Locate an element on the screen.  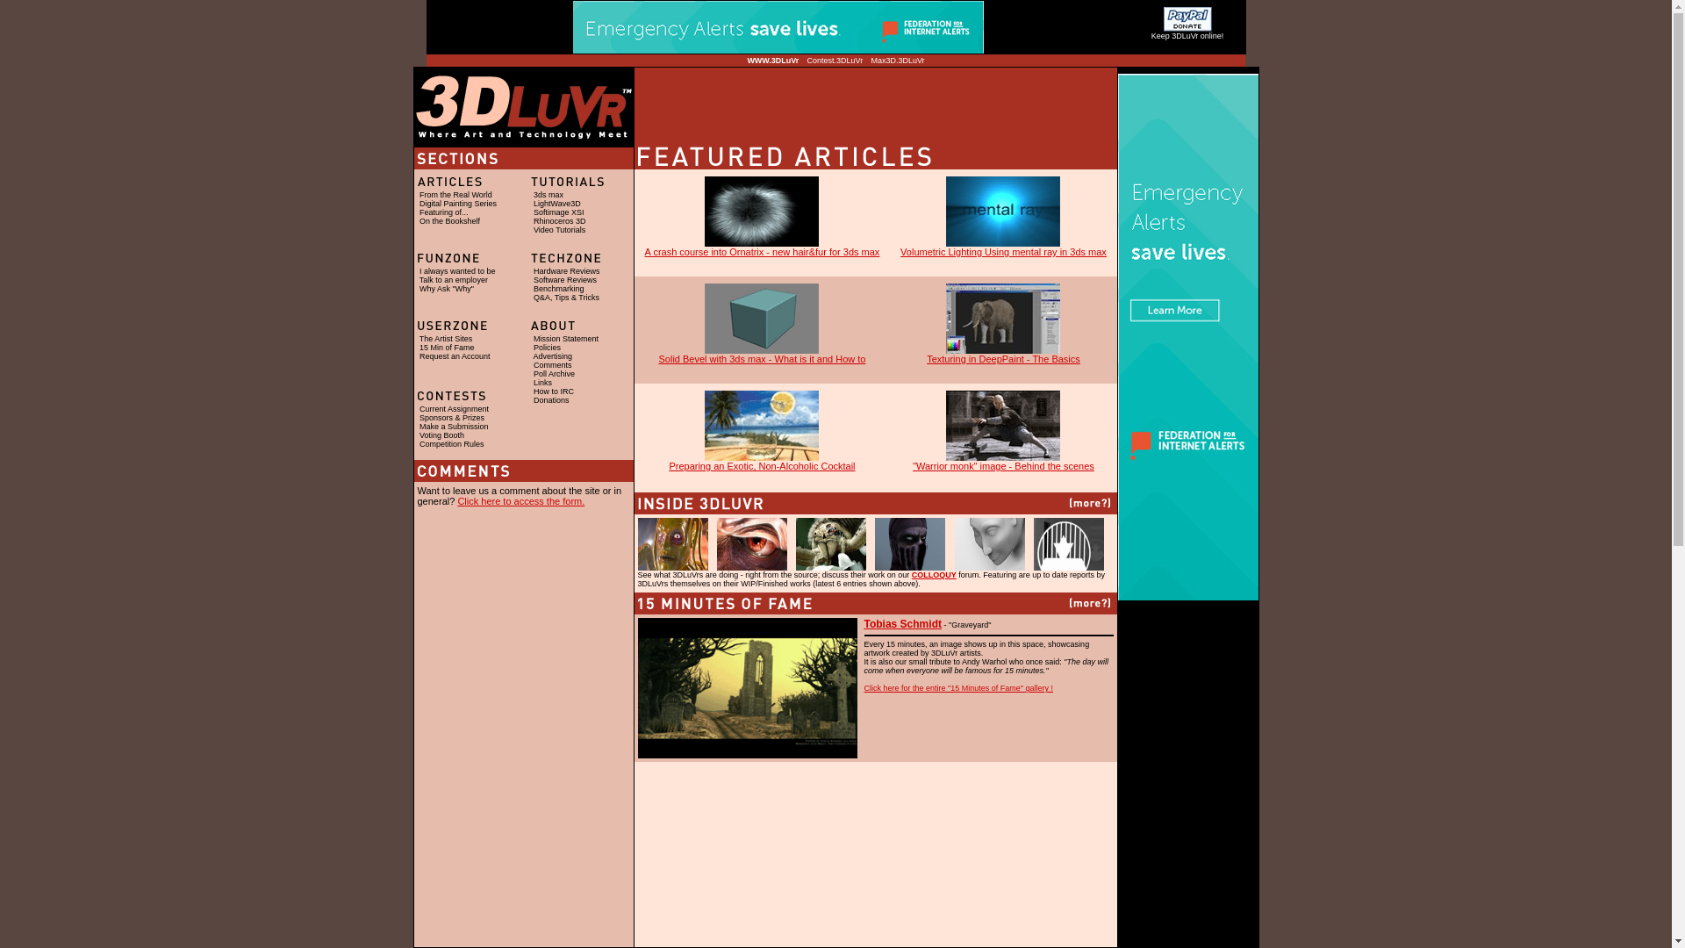
'WWW.3DLuVr' is located at coordinates (772, 60).